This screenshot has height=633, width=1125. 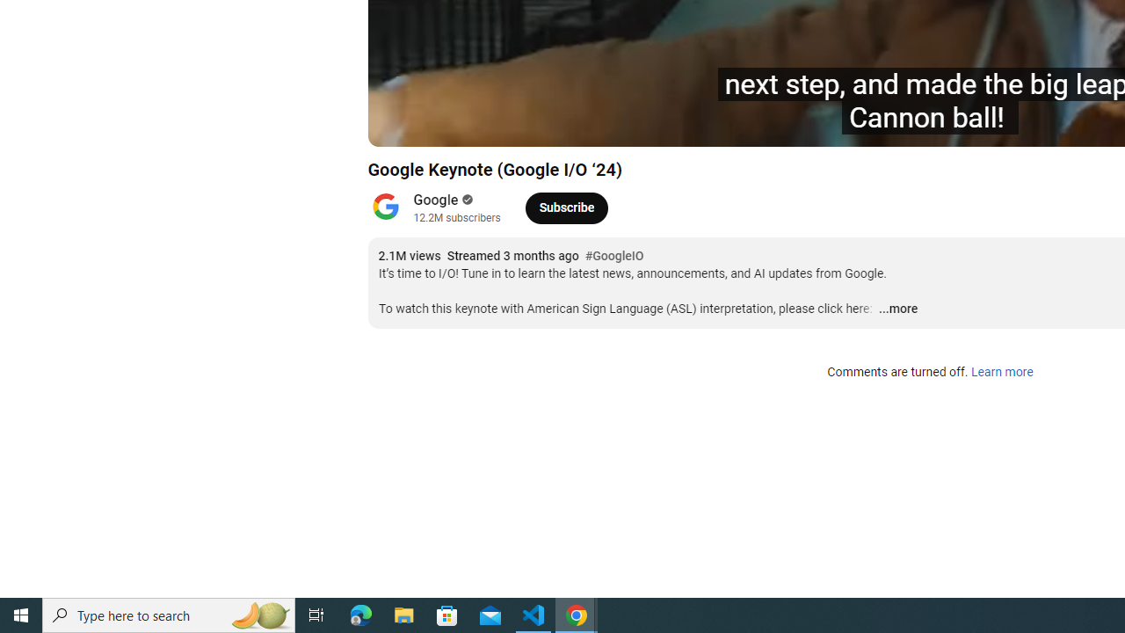 I want to click on '...more', so click(x=897, y=309).